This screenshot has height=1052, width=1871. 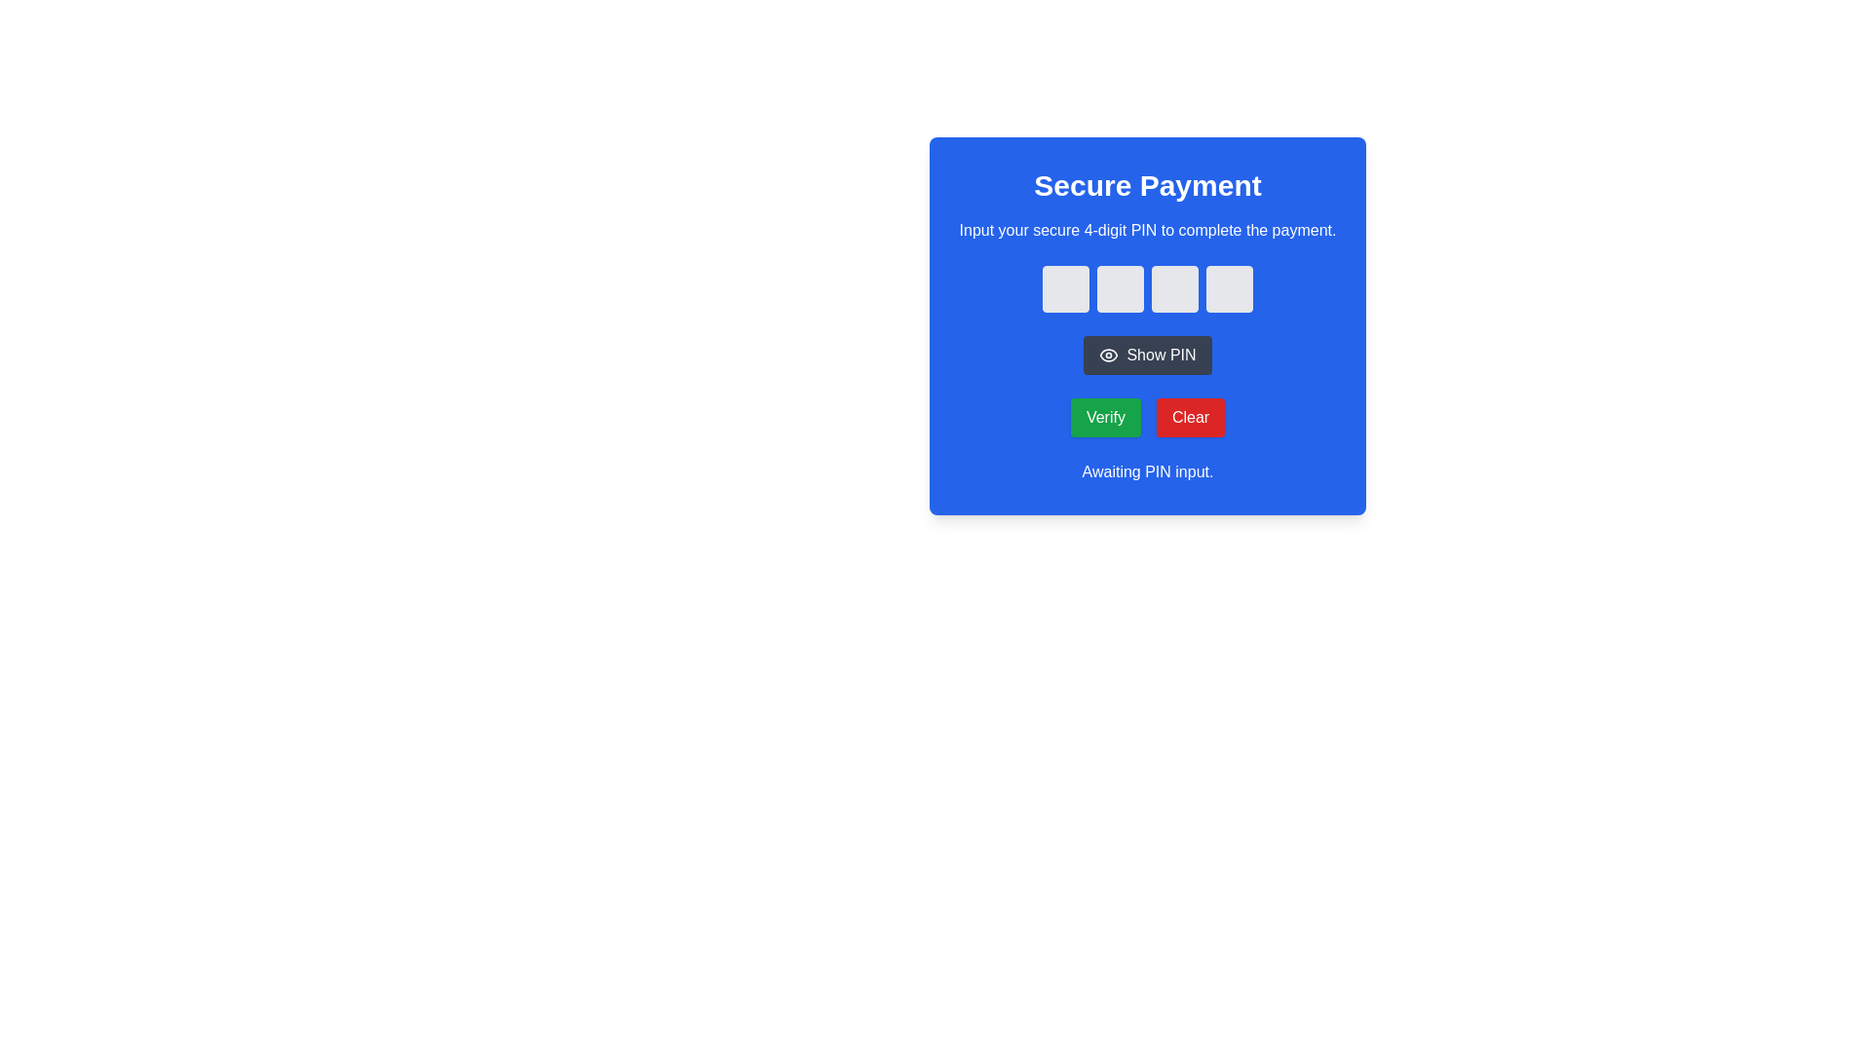 I want to click on the eye icon located to the left of the 'Show PIN' text within the PIN entry button, so click(x=1109, y=356).